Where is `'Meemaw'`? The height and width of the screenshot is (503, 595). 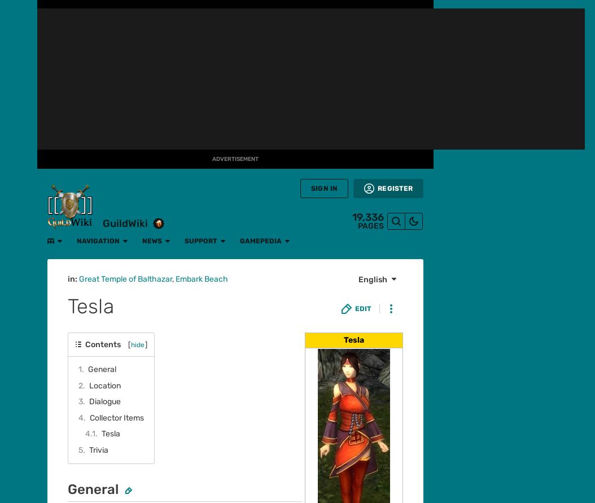 'Meemaw' is located at coordinates (326, 268).